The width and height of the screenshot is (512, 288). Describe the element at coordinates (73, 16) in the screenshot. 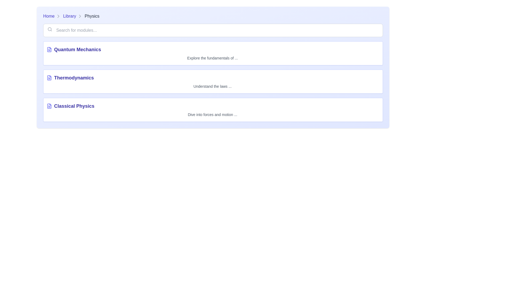

I see `the navigation link in the breadcrumb that redirects to the Library section` at that location.